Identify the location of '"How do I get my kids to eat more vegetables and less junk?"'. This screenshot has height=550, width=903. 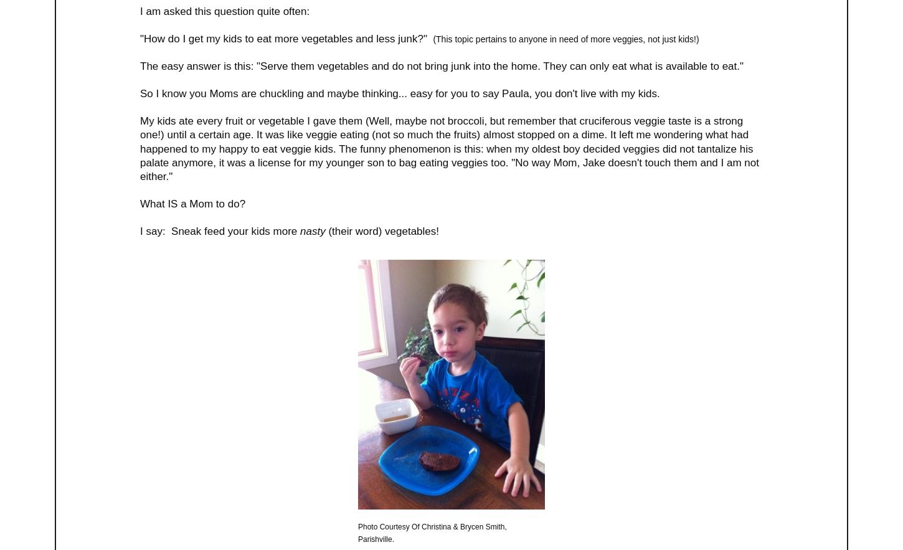
(139, 37).